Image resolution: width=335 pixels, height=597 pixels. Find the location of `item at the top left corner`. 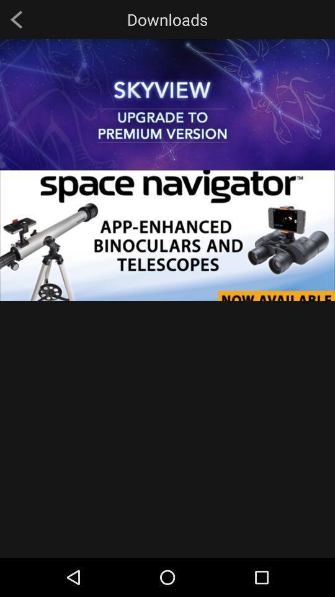

item at the top left corner is located at coordinates (16, 19).